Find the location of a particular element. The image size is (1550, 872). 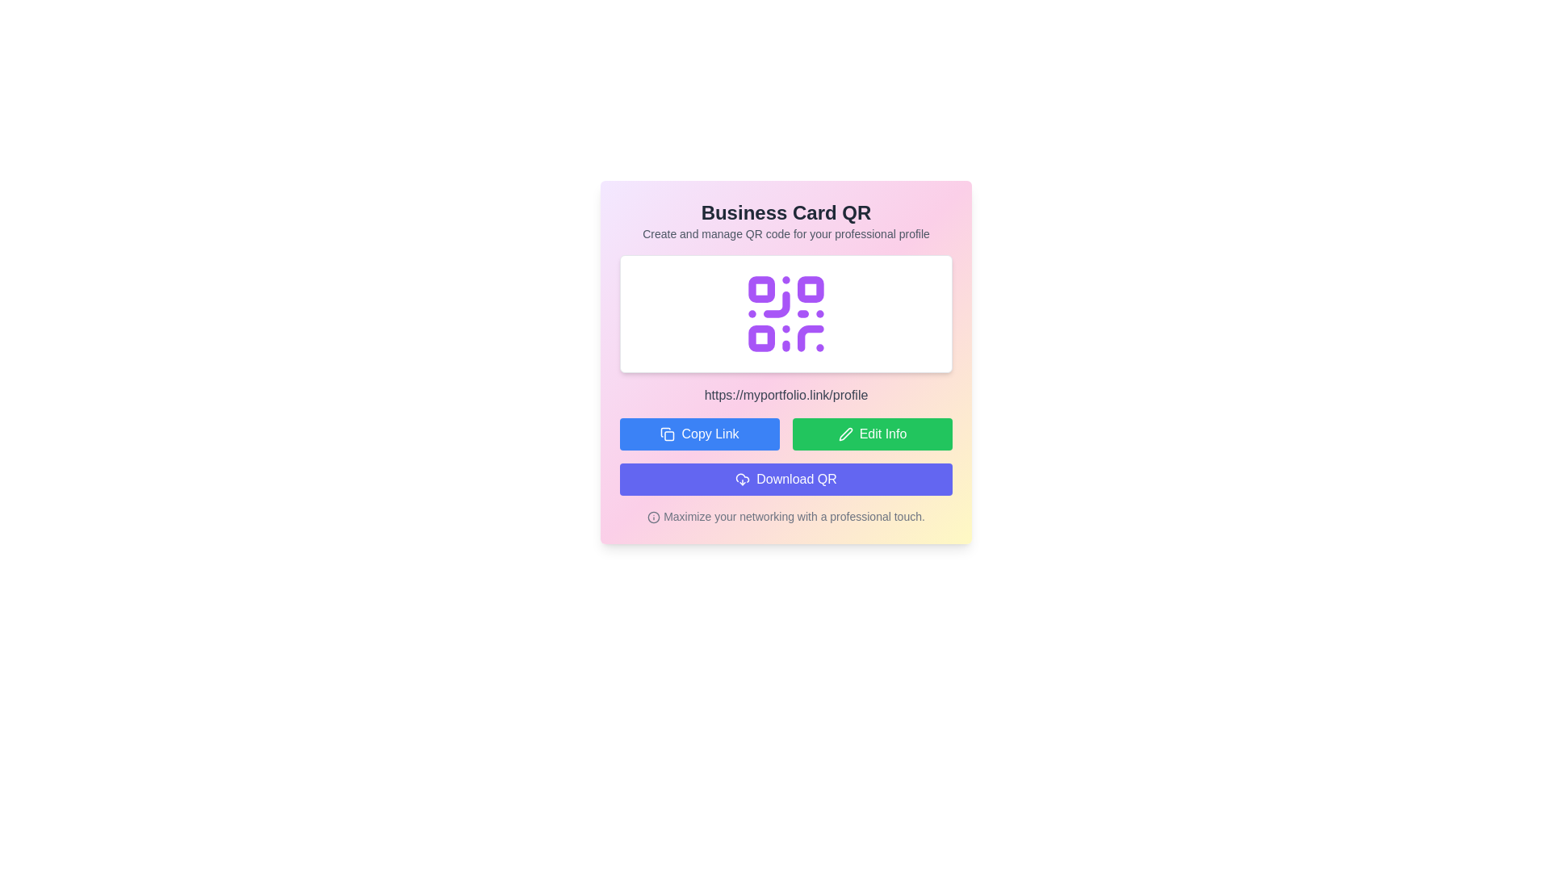

the small purple square element with rounded corners located at the bottom-left corner of the QR code structure on the business card interface is located at coordinates (760, 337).